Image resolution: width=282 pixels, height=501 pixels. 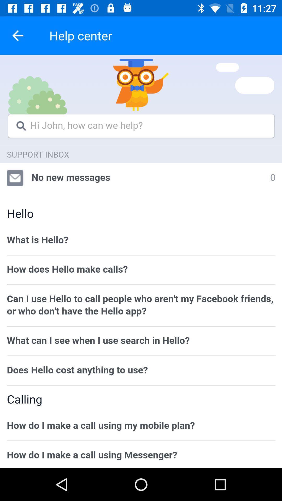 What do you see at coordinates (141, 261) in the screenshot?
I see `read message` at bounding box center [141, 261].